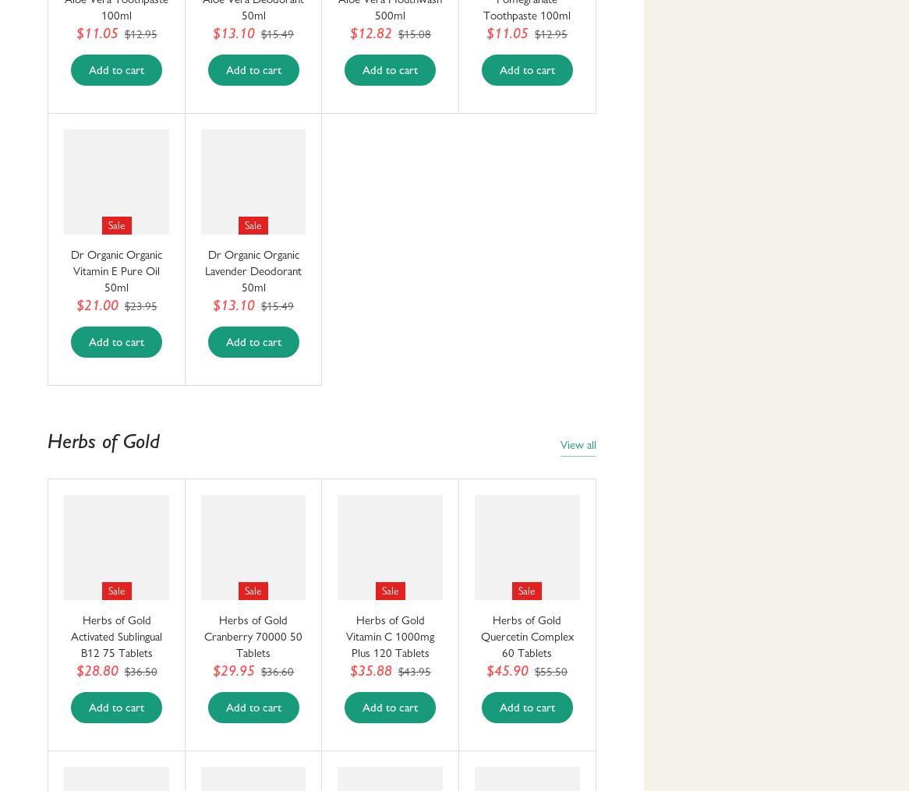 This screenshot has height=791, width=909. What do you see at coordinates (252, 636) in the screenshot?
I see `'Herbs of Gold Cranberry 70000 50 Tablets'` at bounding box center [252, 636].